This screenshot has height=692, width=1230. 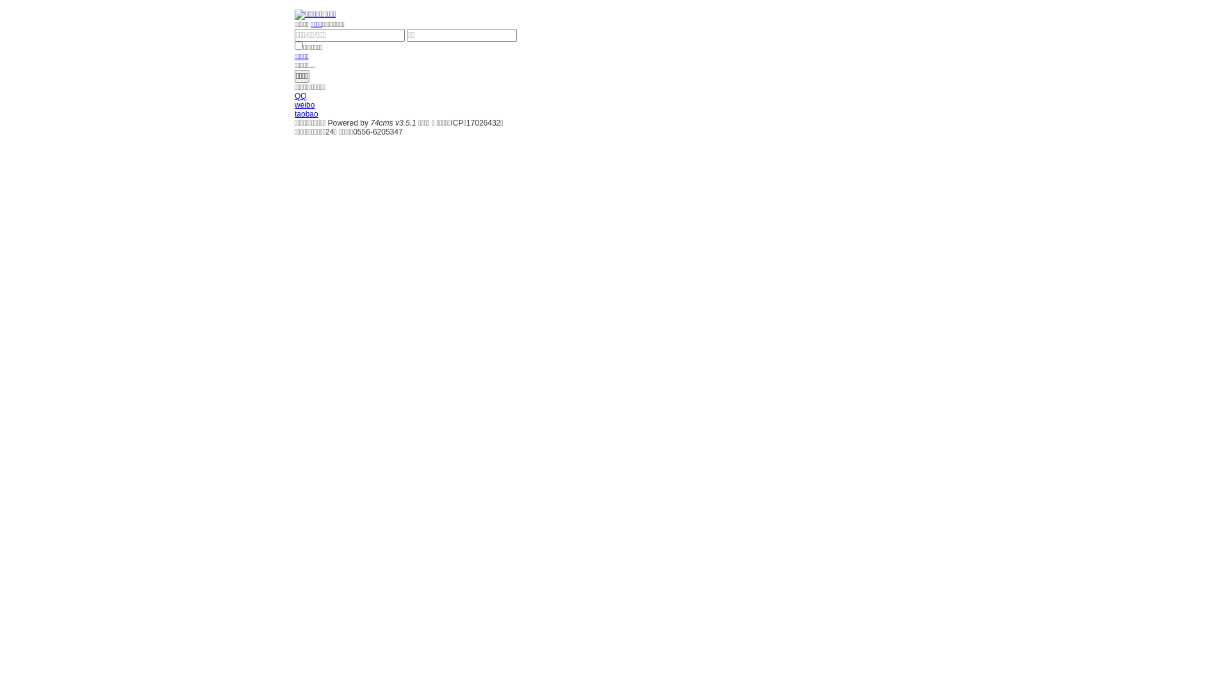 What do you see at coordinates (294, 95) in the screenshot?
I see `'QQ'` at bounding box center [294, 95].